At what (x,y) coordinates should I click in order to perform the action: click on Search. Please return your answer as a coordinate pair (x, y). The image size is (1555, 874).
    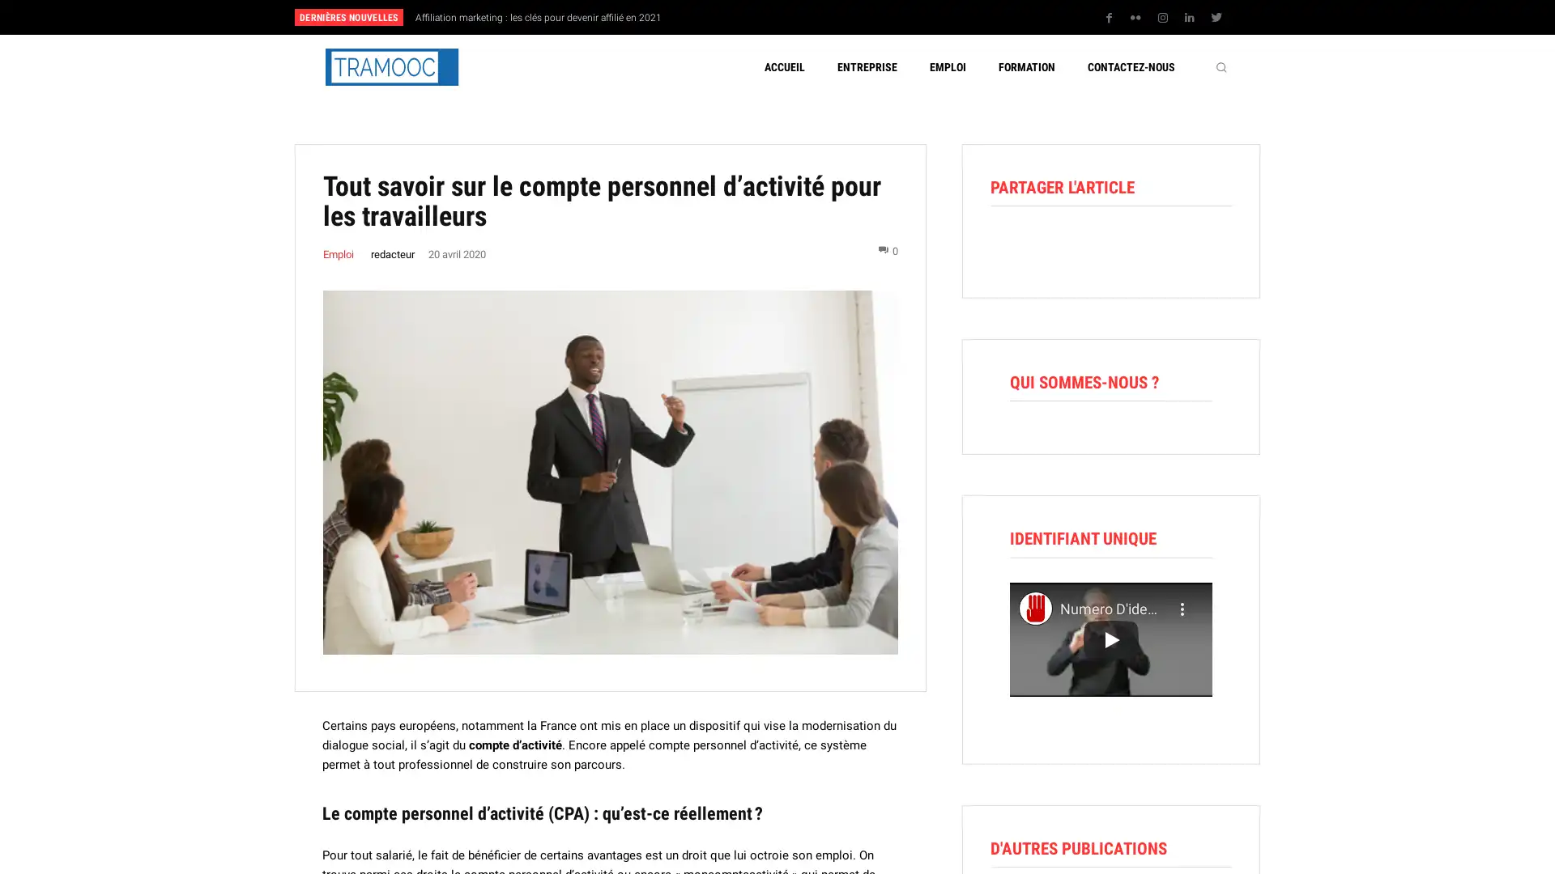
    Looking at the image, I should click on (1221, 66).